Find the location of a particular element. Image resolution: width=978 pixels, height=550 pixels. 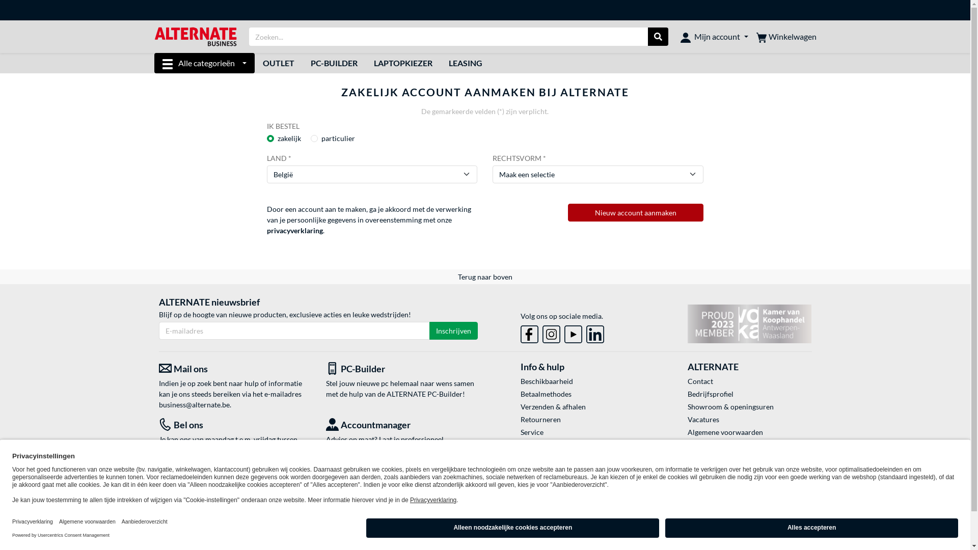

'Inschrijven' is located at coordinates (452, 331).